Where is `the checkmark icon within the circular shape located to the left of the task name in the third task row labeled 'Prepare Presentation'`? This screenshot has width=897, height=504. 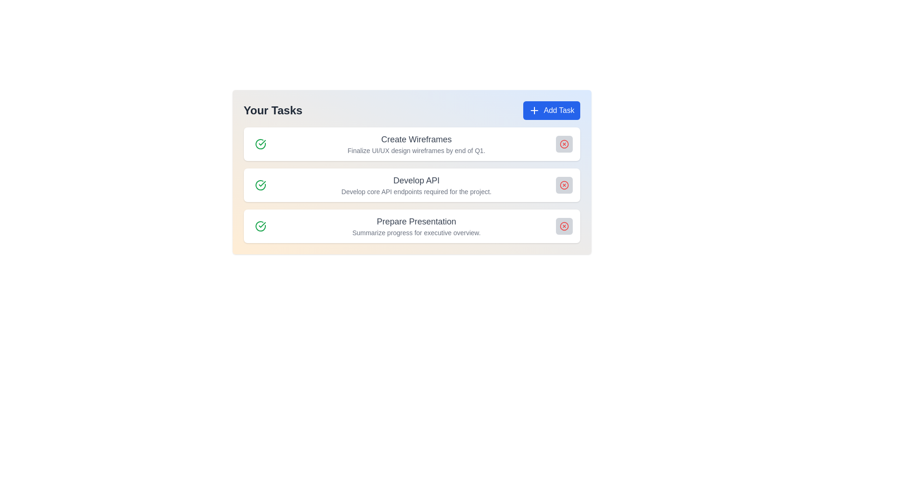
the checkmark icon within the circular shape located to the left of the task name in the third task row labeled 'Prepare Presentation' is located at coordinates (262, 225).